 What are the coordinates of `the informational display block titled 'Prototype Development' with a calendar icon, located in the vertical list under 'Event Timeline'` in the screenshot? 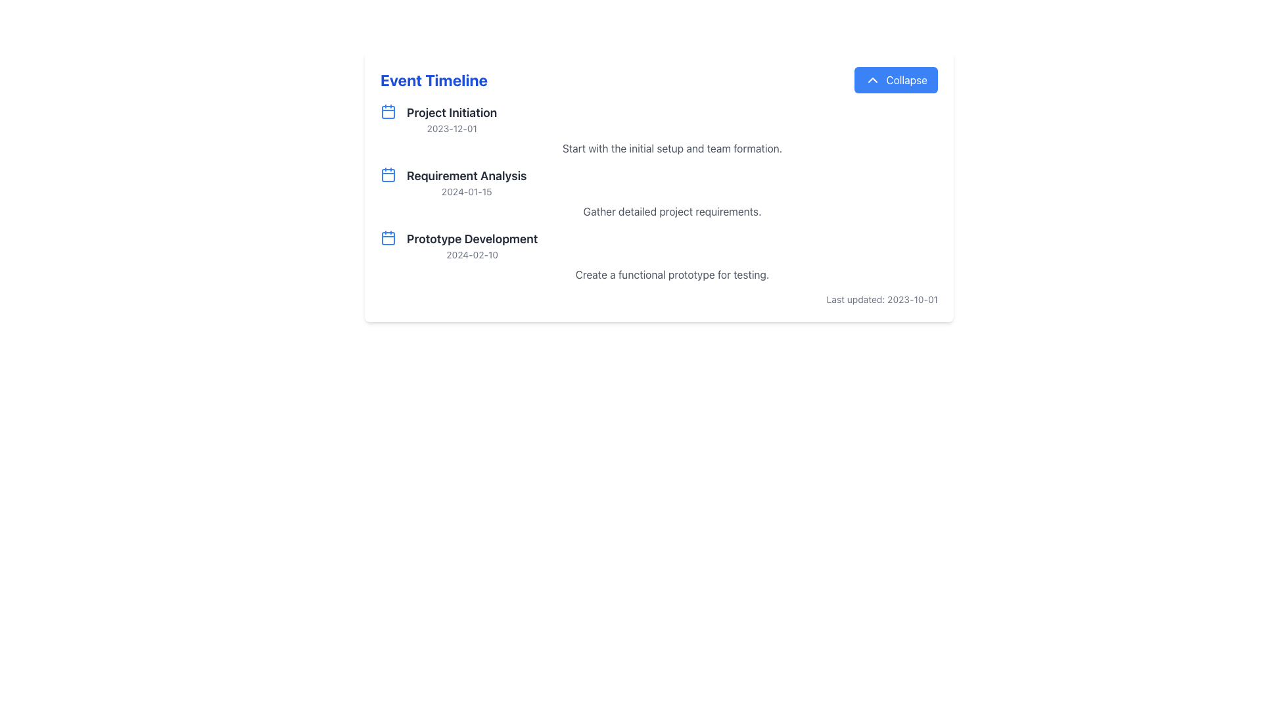 It's located at (659, 246).